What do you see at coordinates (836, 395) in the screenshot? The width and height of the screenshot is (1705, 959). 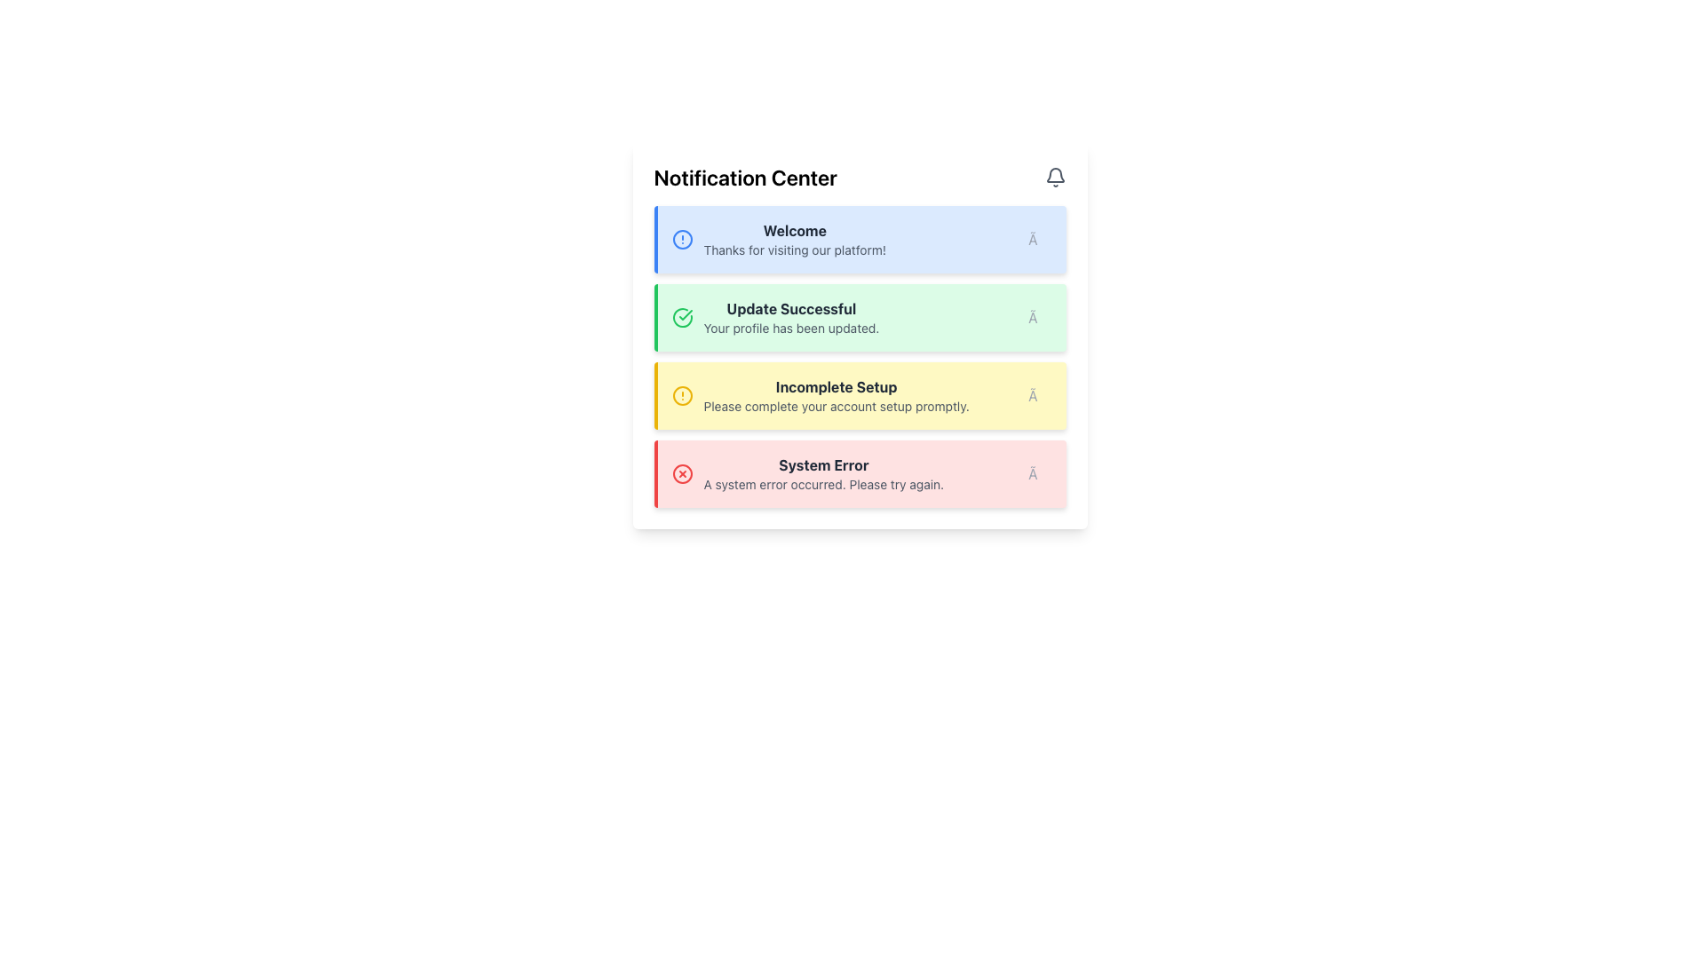 I see `notification titled 'Incomplete Setup' which prompts to complete account setup promptly, located in the third notification entry of the notification center` at bounding box center [836, 395].